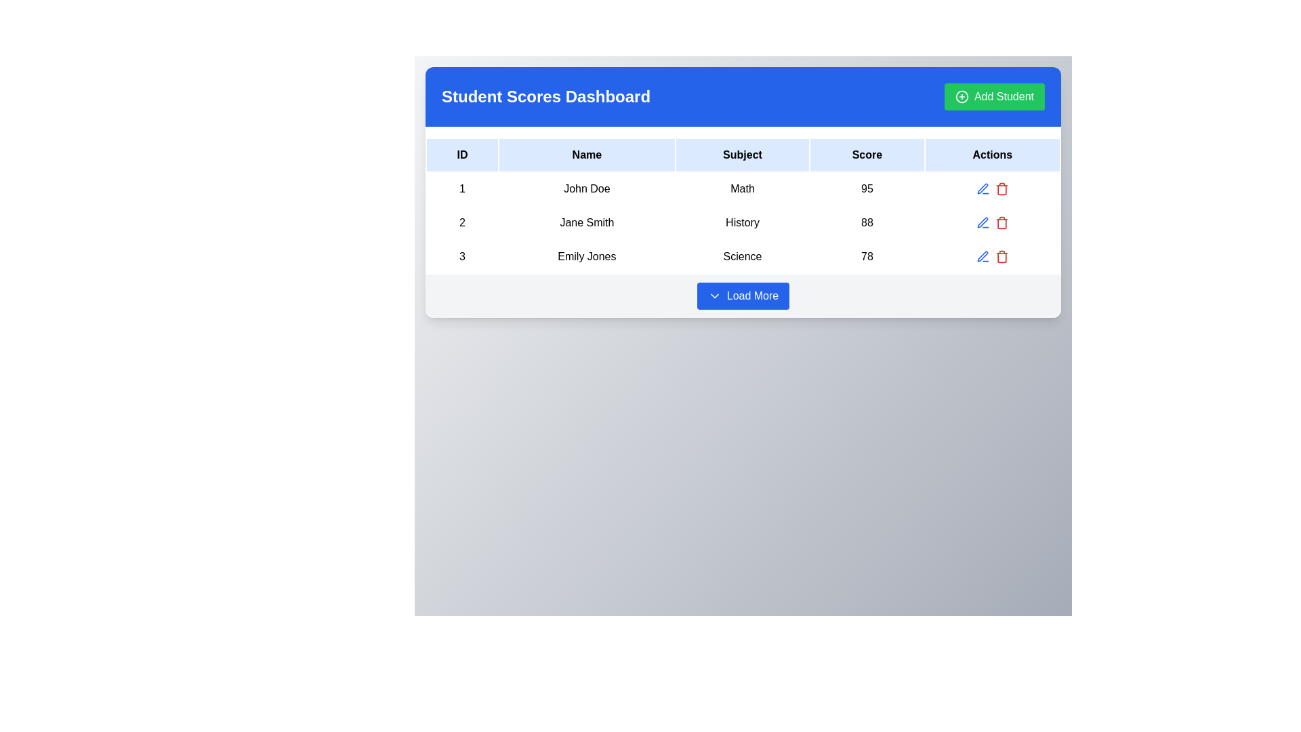  What do you see at coordinates (992, 188) in the screenshot?
I see `the interactive icons in the Action cell of the first row in the Student Scores Dashboard table` at bounding box center [992, 188].